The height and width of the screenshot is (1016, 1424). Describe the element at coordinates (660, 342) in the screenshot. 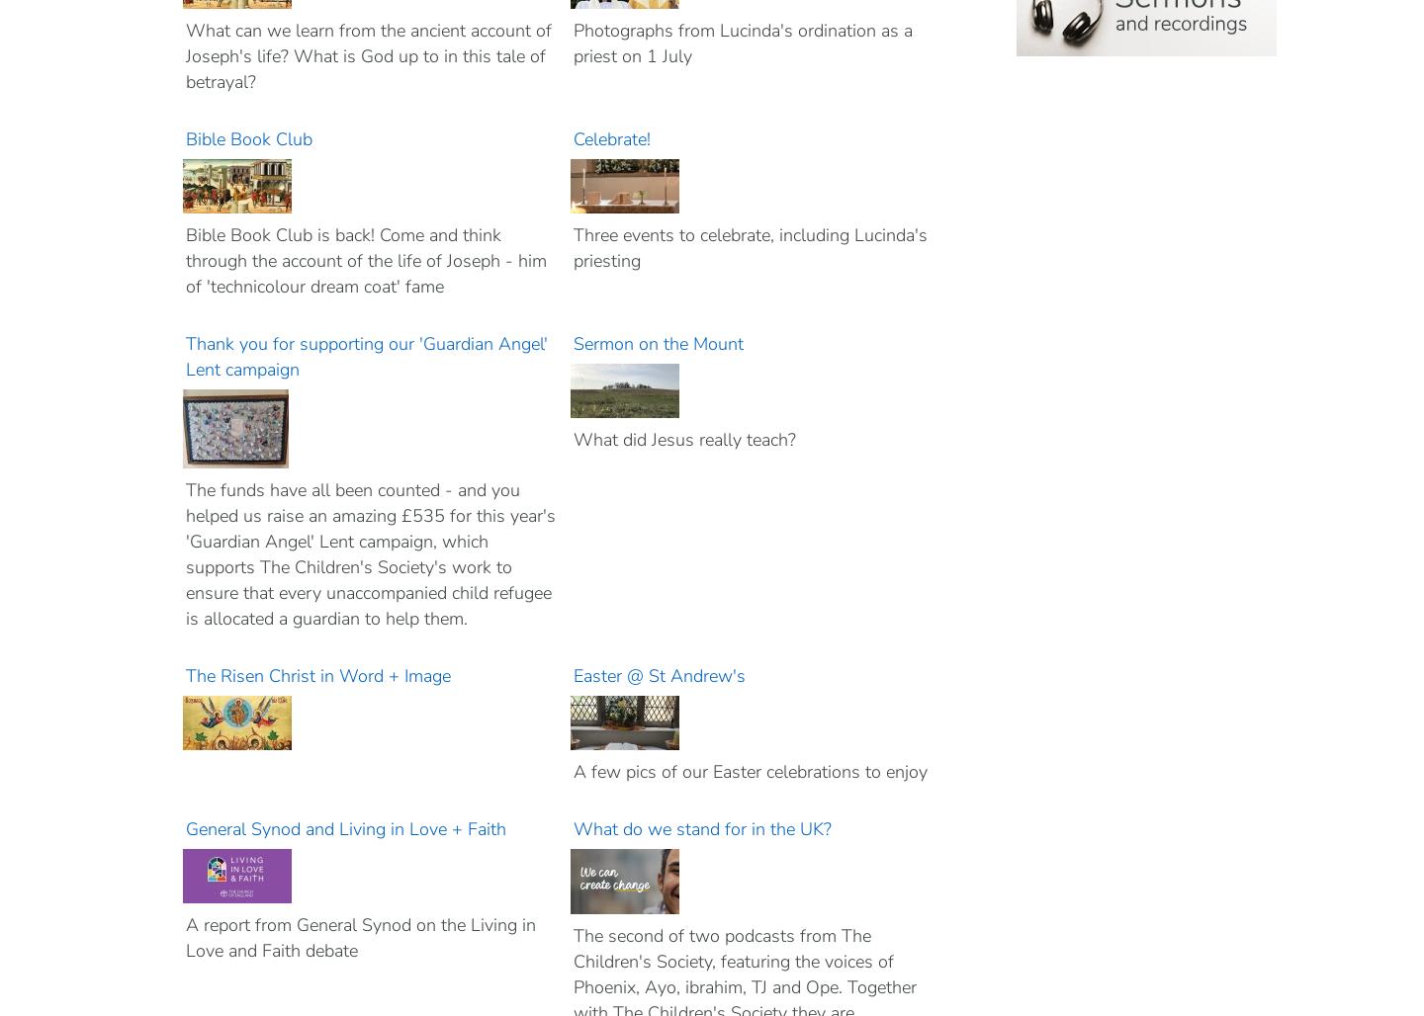

I see `'Sermon on the Mount'` at that location.